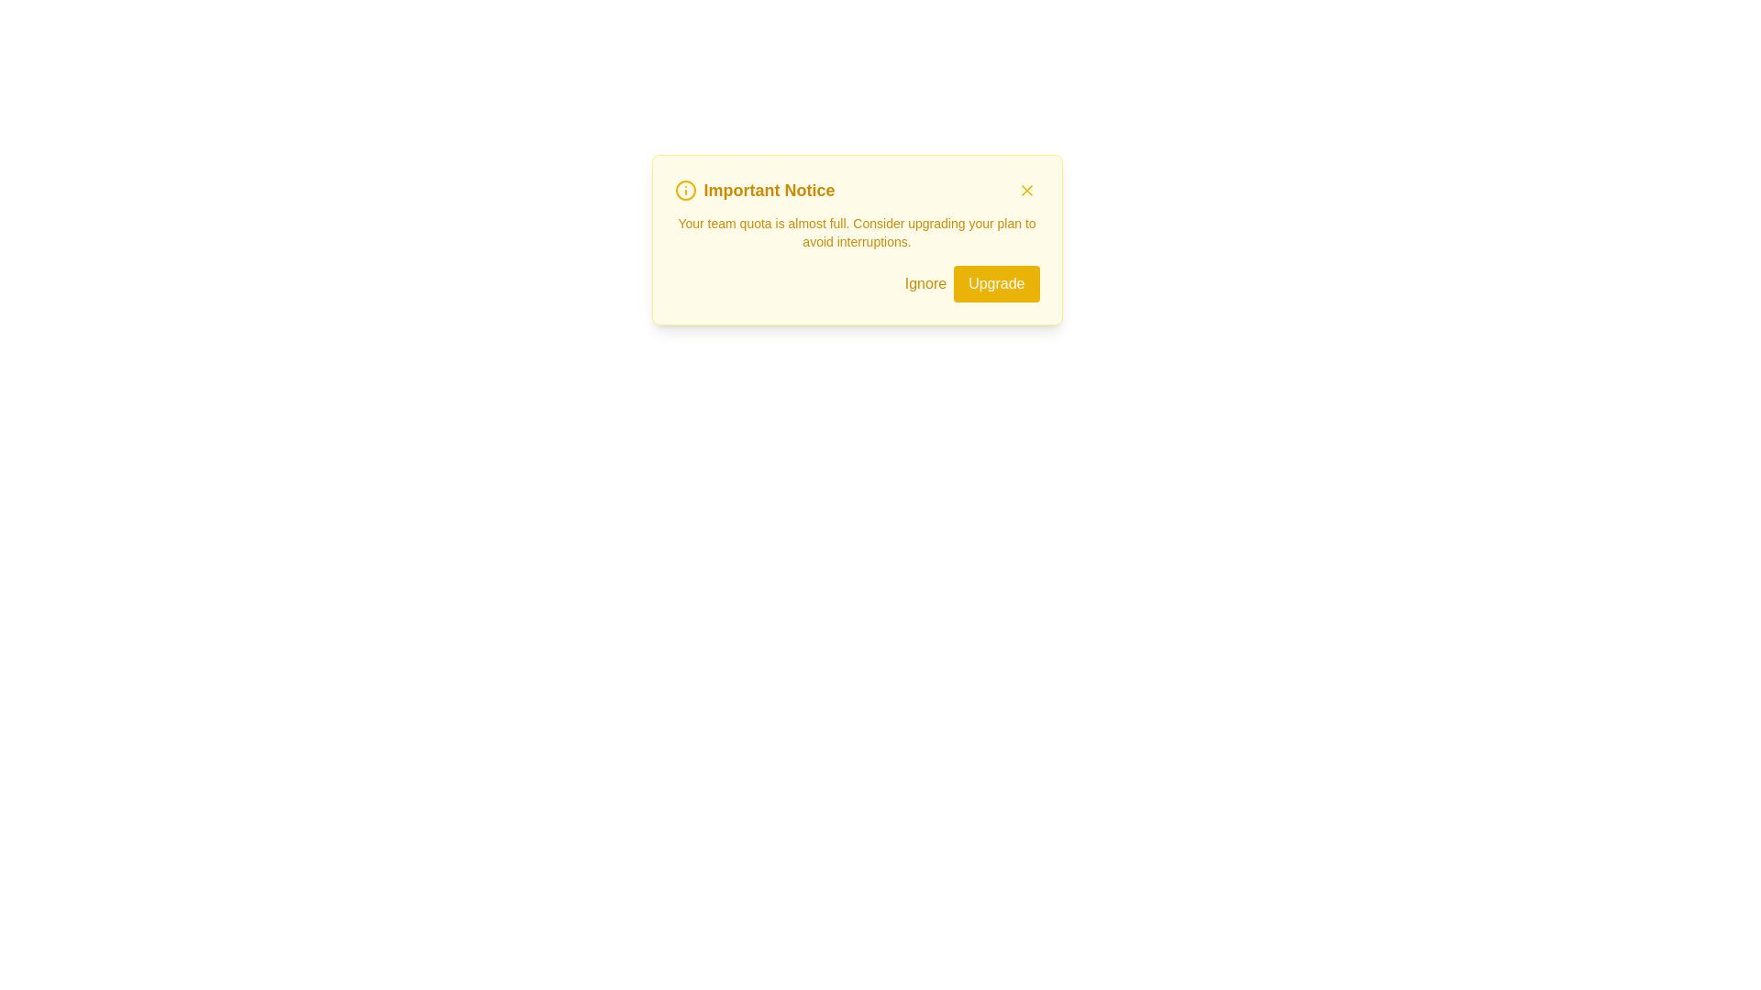 This screenshot has width=1761, height=990. What do you see at coordinates (1025, 191) in the screenshot?
I see `the button in the top-right corner of the 'Important Notice' panel` at bounding box center [1025, 191].